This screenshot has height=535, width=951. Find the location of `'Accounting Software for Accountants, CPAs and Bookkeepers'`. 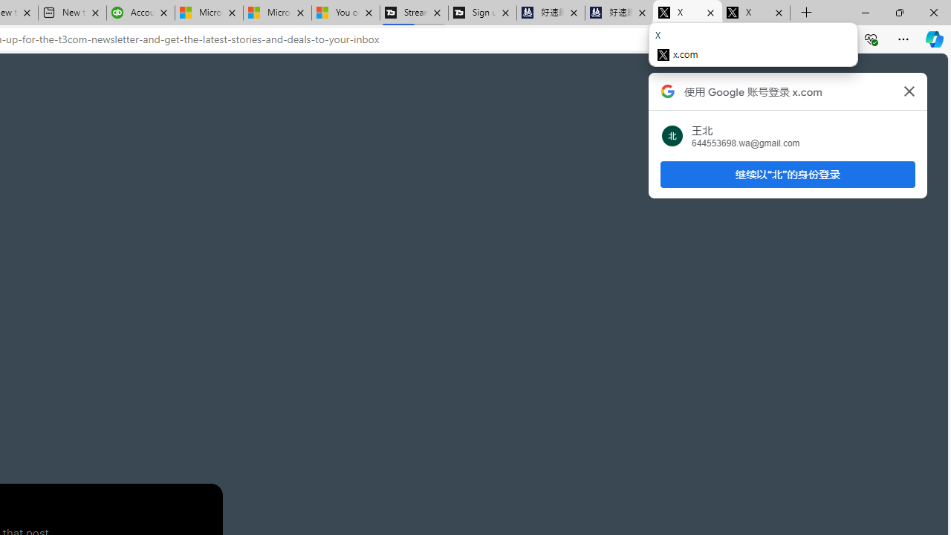

'Accounting Software for Accountants, CPAs and Bookkeepers' is located at coordinates (140, 13).